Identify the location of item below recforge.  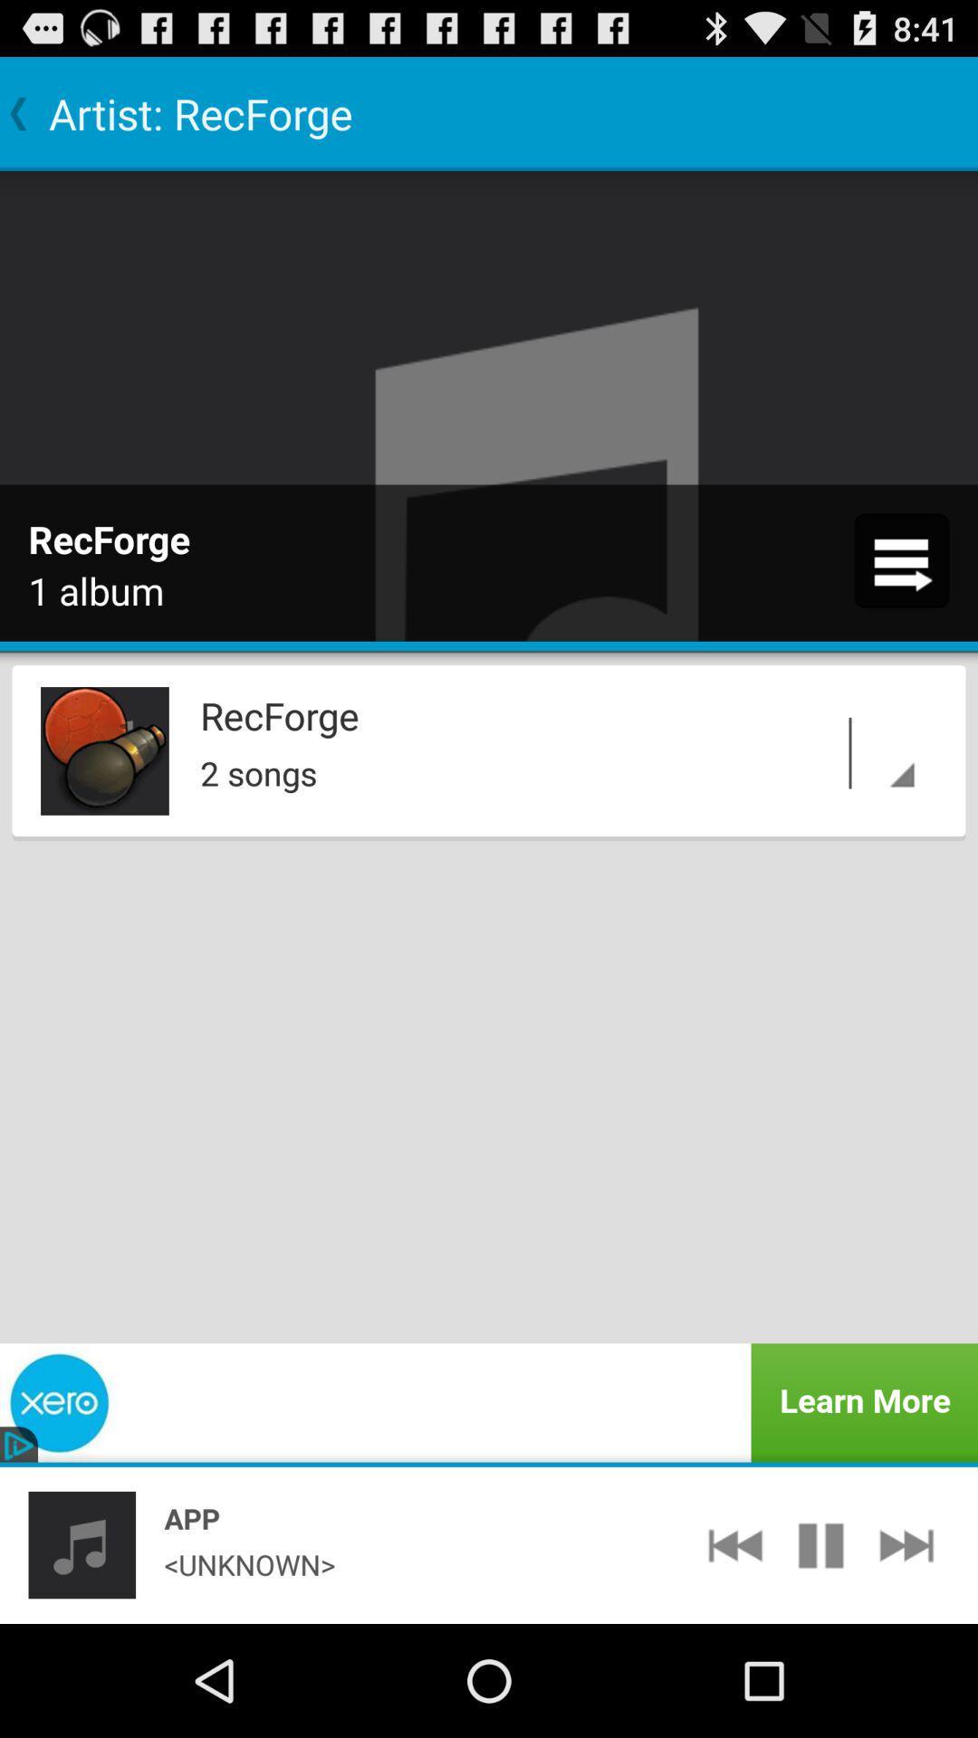
(851, 752).